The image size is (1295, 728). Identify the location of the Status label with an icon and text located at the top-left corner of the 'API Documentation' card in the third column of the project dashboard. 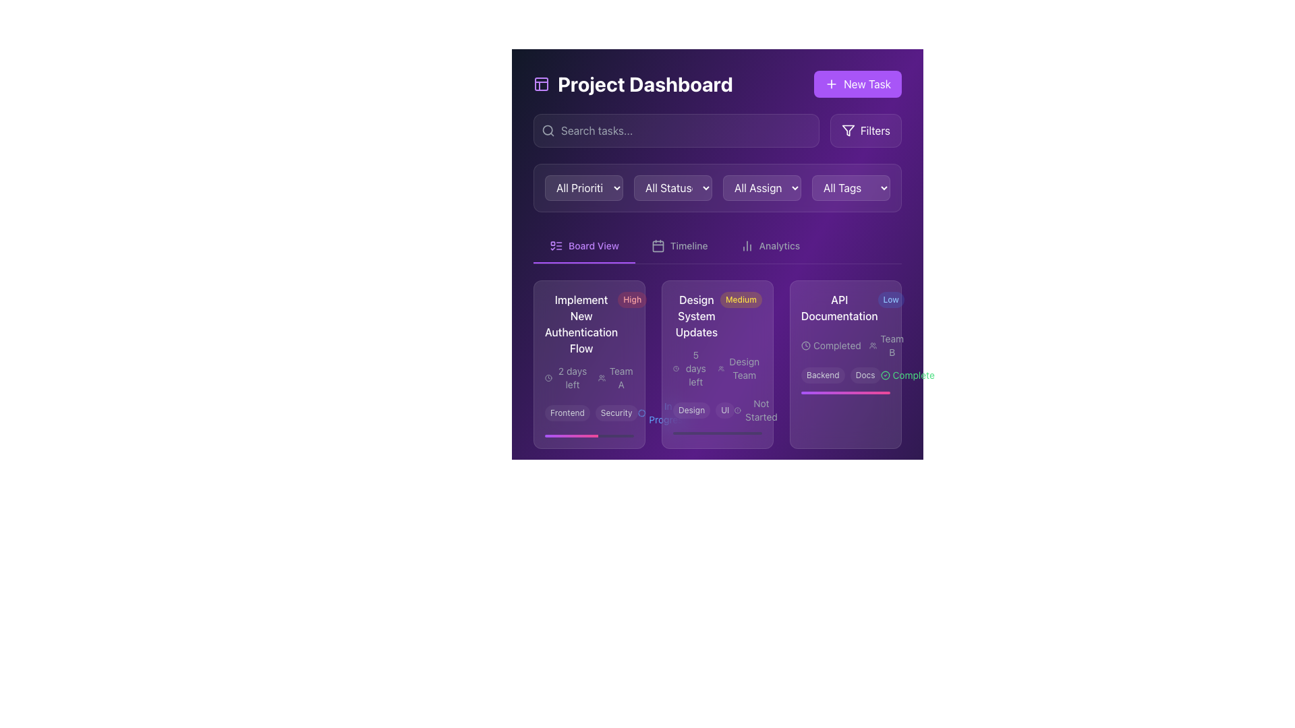
(830, 345).